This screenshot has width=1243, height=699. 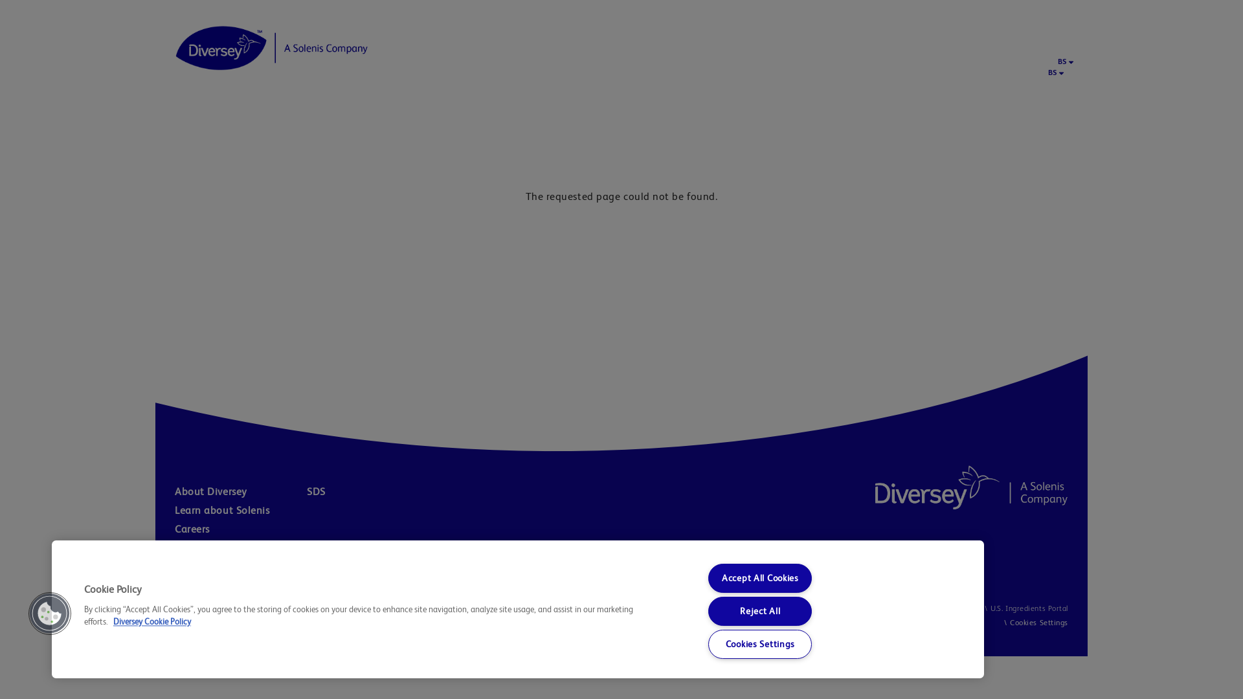 What do you see at coordinates (239, 491) in the screenshot?
I see `'About Diversey'` at bounding box center [239, 491].